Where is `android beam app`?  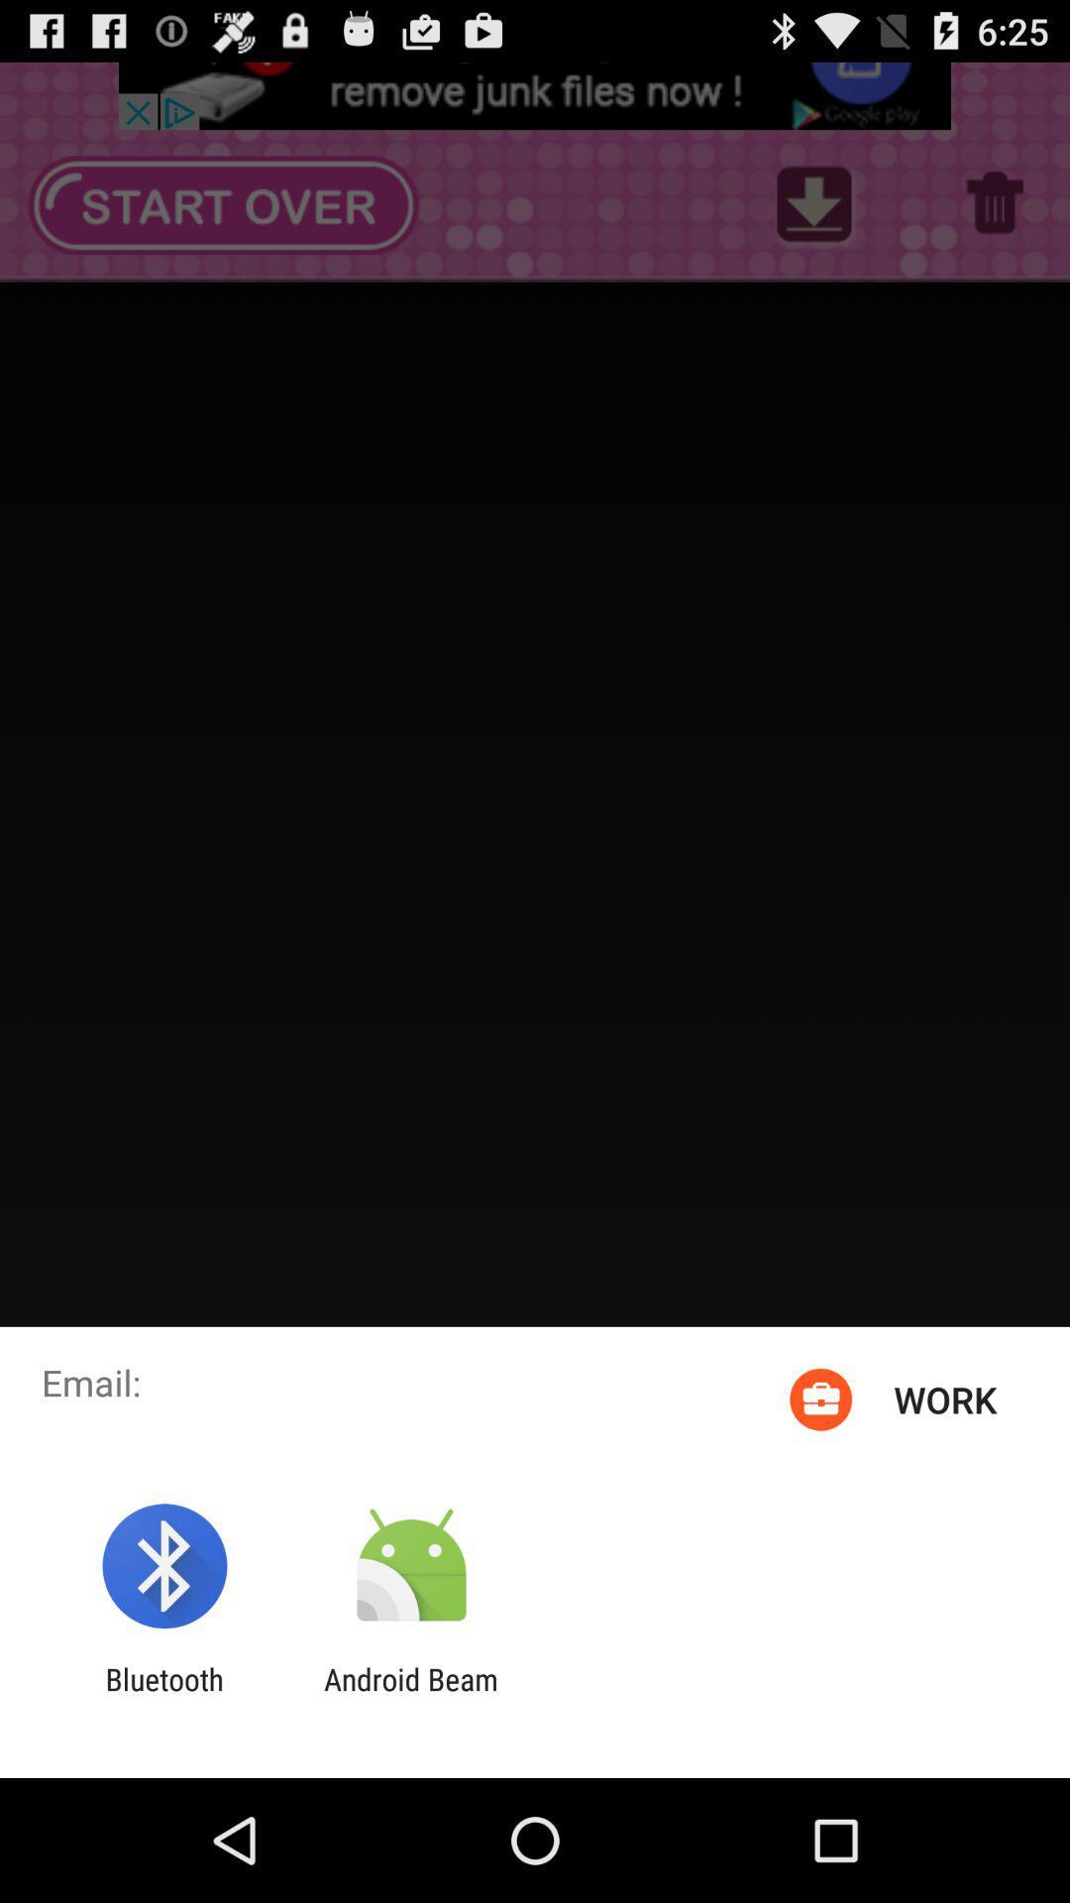
android beam app is located at coordinates (410, 1696).